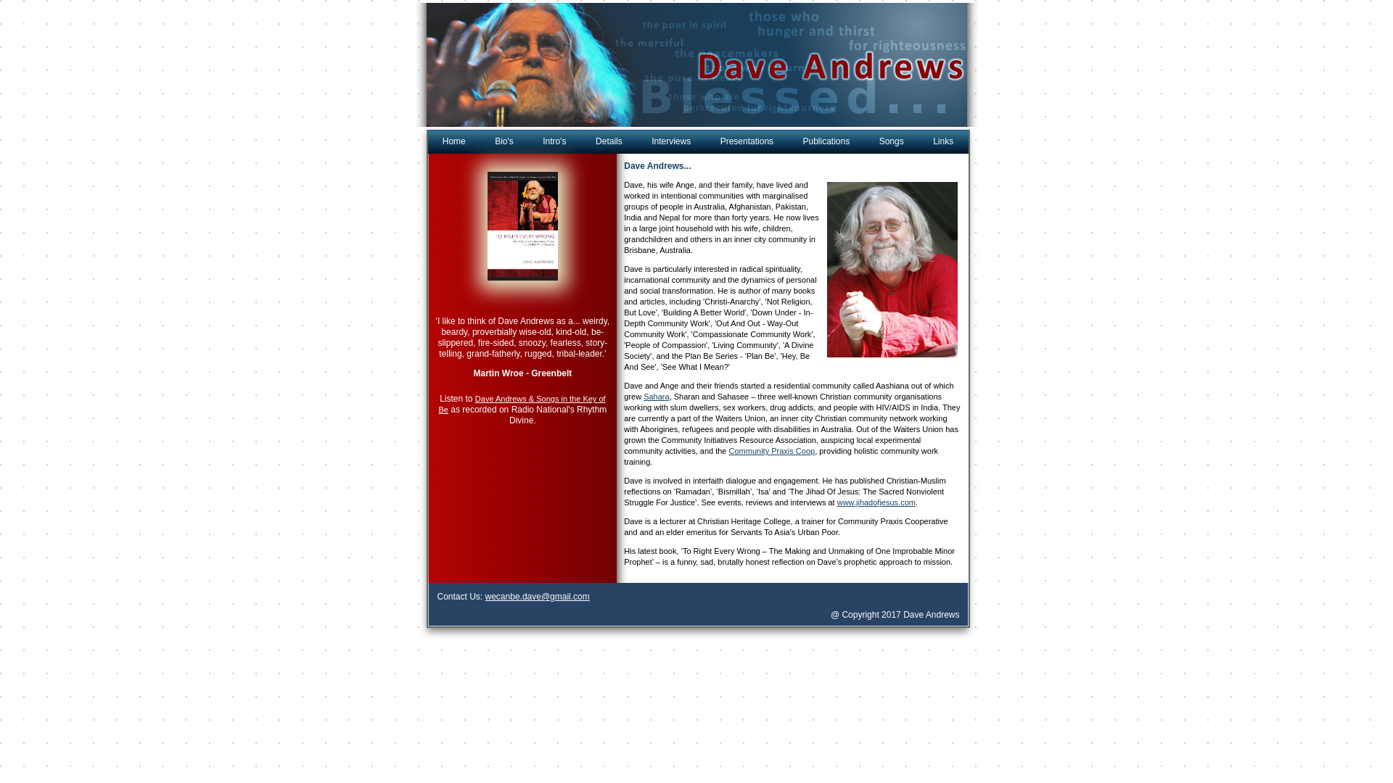 This screenshot has height=783, width=1393. Describe the element at coordinates (670, 141) in the screenshot. I see `'Interviews'` at that location.